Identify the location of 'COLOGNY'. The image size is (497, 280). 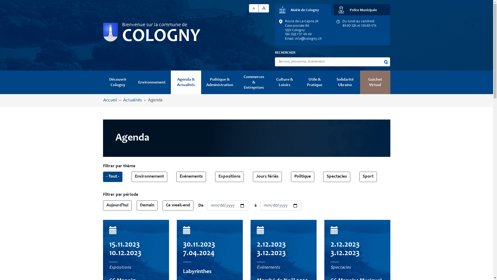
(161, 37).